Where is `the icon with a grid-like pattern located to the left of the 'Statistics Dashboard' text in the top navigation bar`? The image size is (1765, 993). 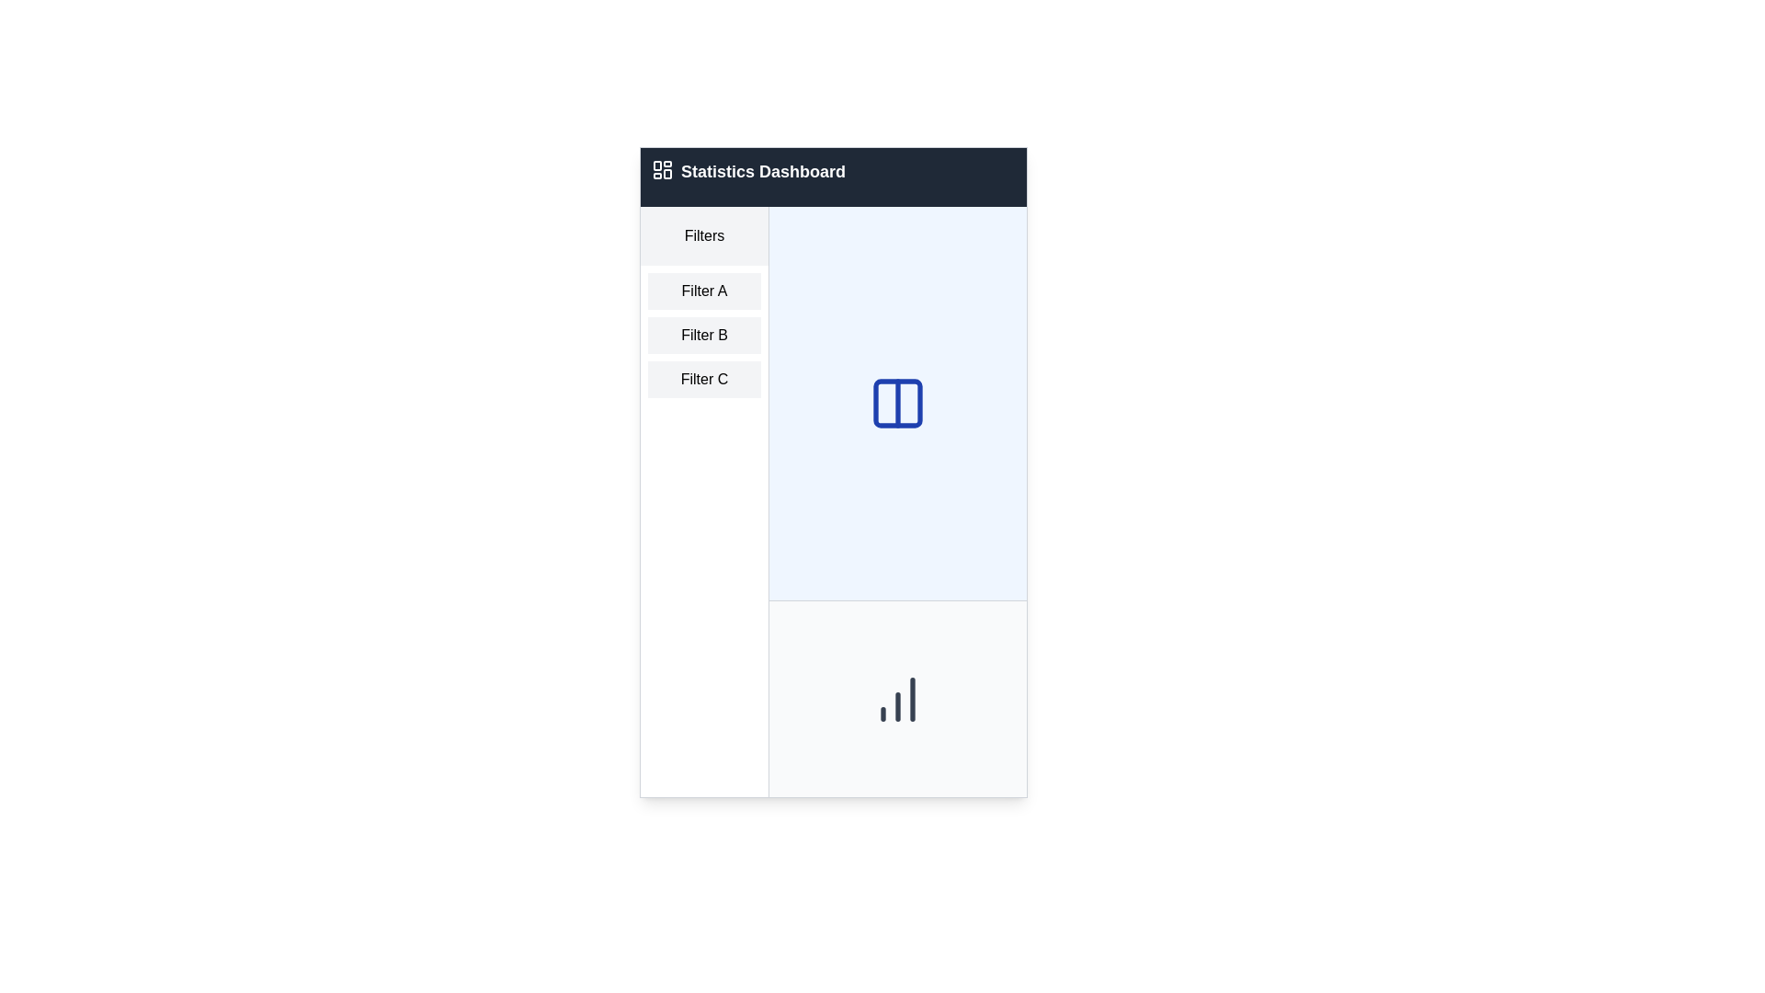 the icon with a grid-like pattern located to the left of the 'Statistics Dashboard' text in the top navigation bar is located at coordinates (662, 170).